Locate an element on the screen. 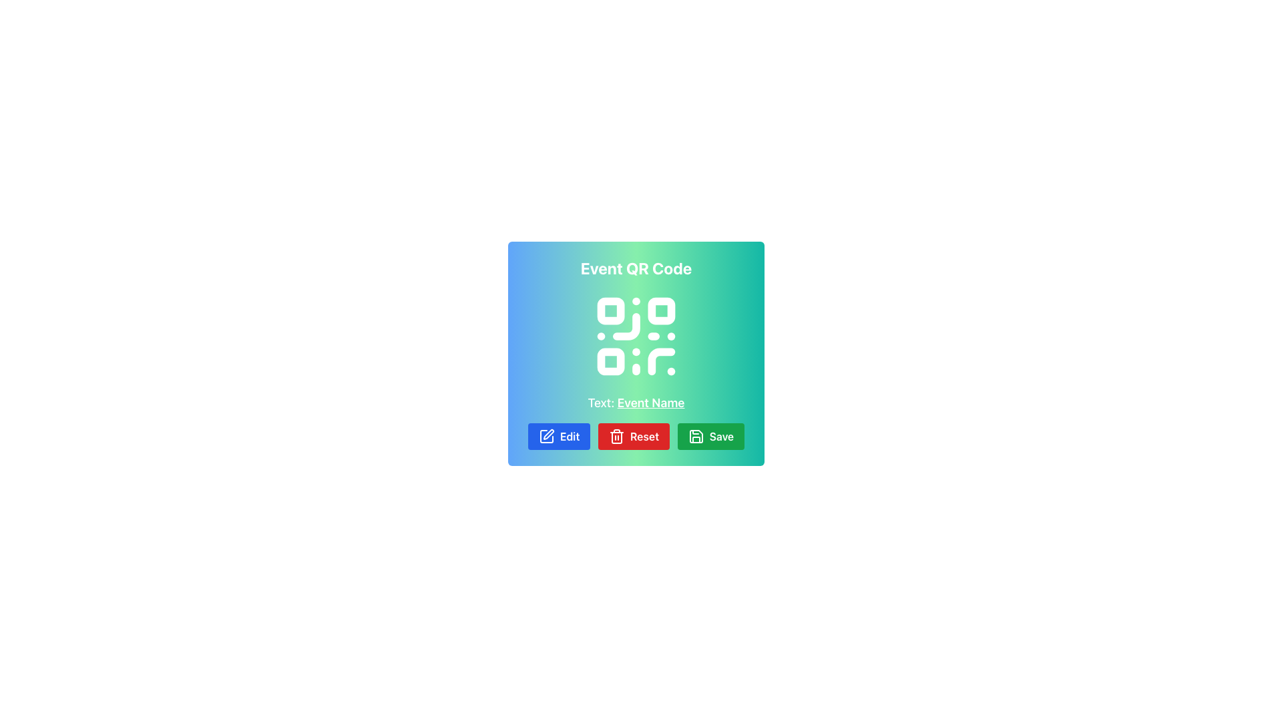 Image resolution: width=1282 pixels, height=721 pixels. the floppy disk icon within the green 'Save' button, which is the rightmost button in a row of three buttons below the central card is located at coordinates (695, 437).